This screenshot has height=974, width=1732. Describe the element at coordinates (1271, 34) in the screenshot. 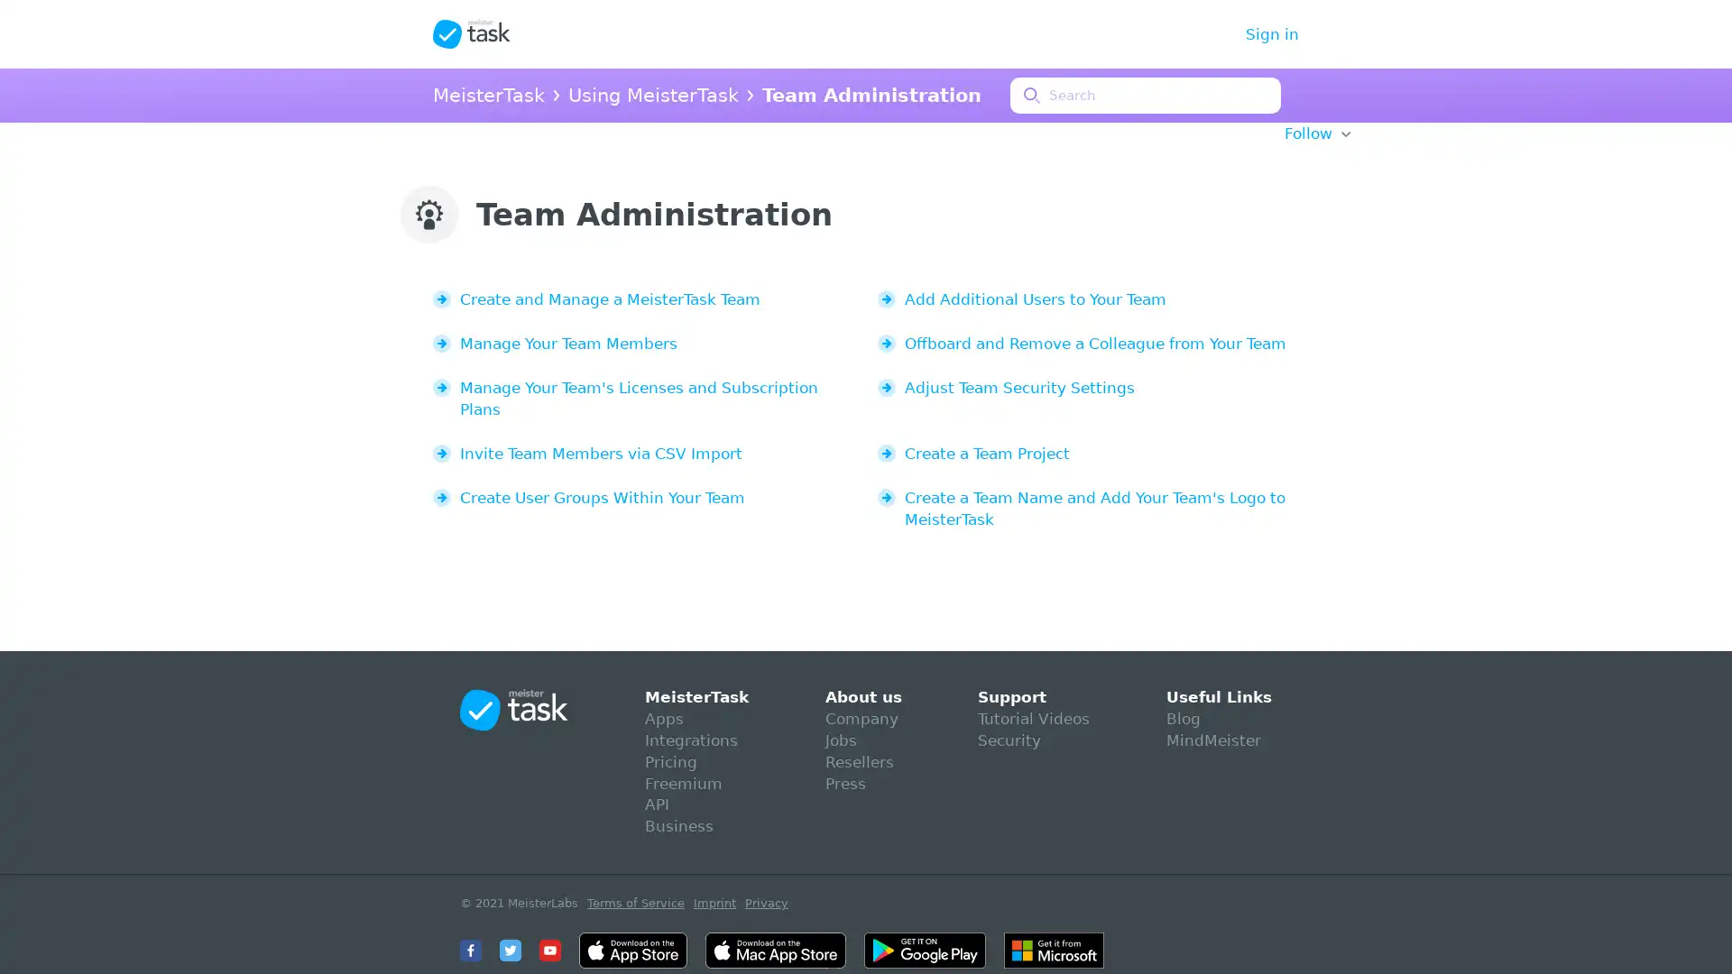

I see `Sign in` at that location.